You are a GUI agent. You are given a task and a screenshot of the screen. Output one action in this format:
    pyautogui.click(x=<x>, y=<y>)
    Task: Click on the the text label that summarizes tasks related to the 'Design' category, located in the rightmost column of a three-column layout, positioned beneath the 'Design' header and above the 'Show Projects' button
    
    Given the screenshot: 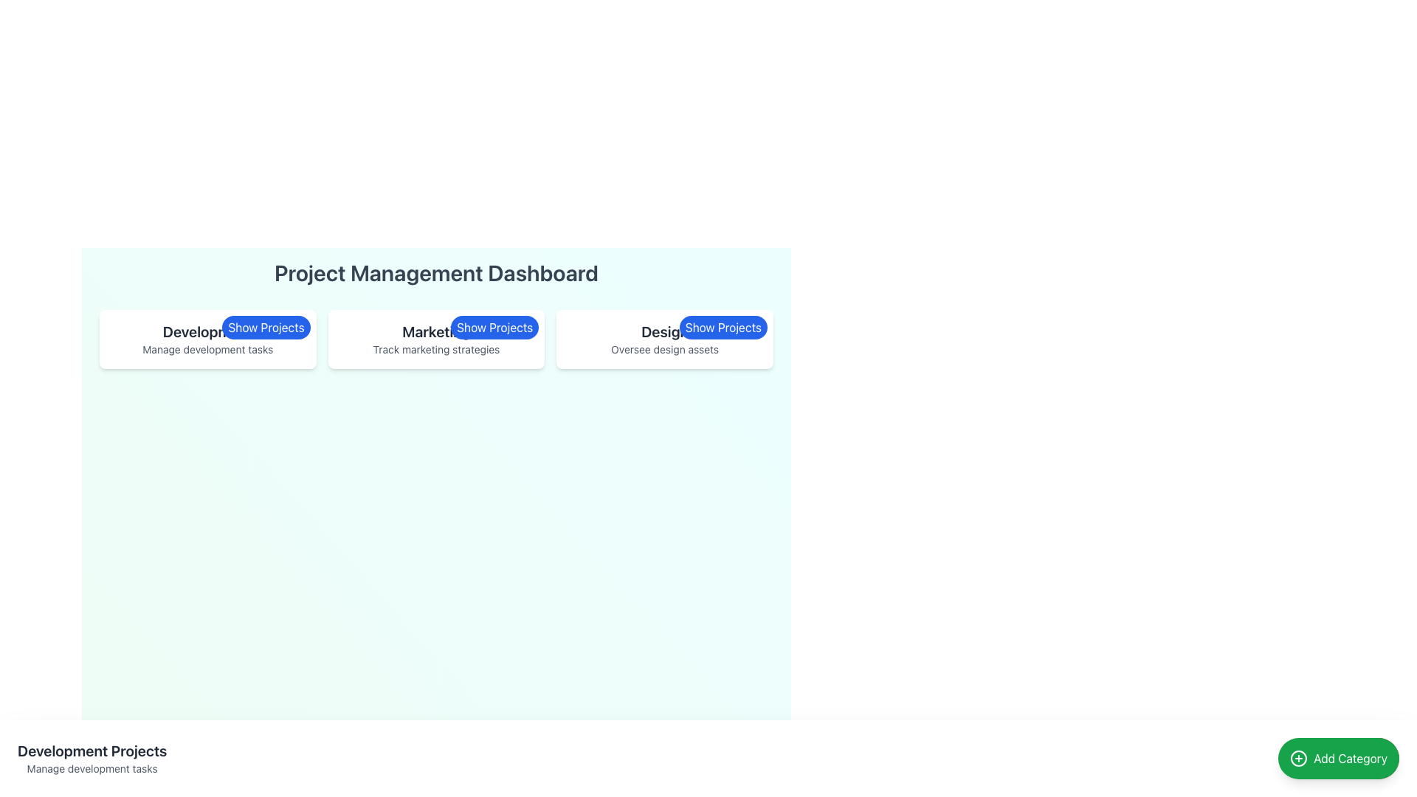 What is the action you would take?
    pyautogui.click(x=664, y=350)
    